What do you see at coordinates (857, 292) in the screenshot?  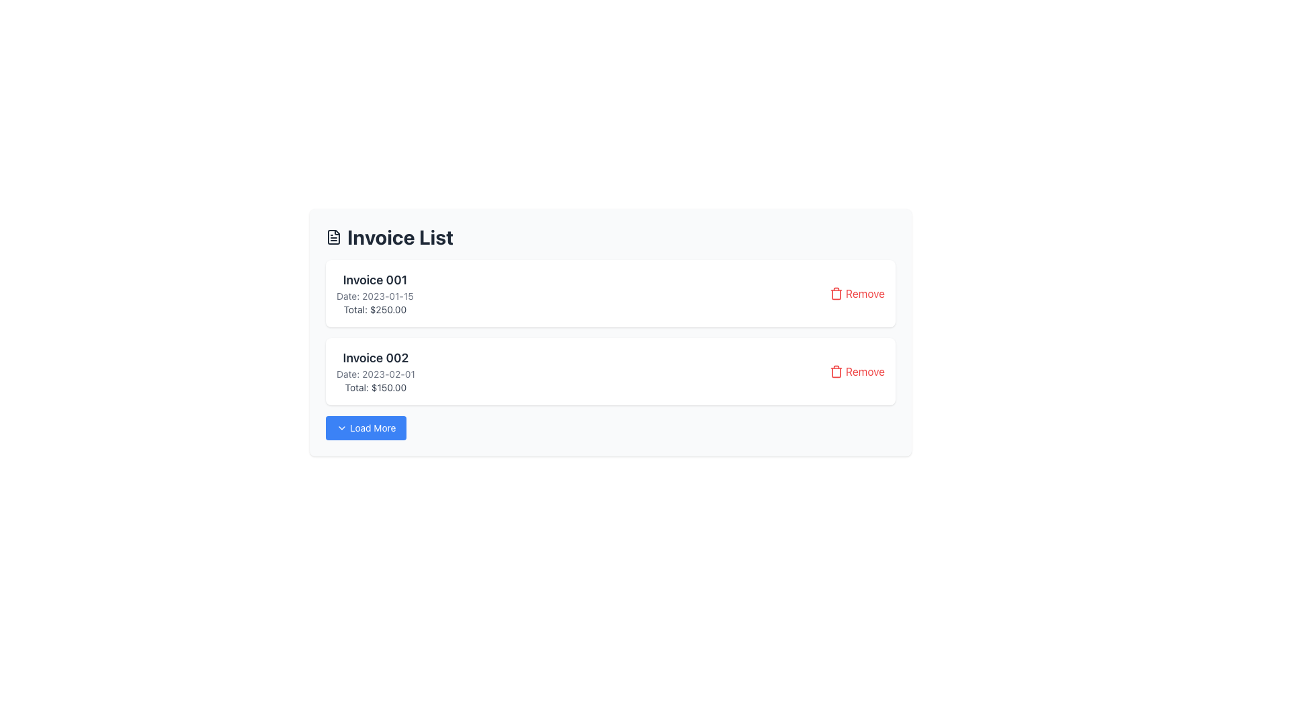 I see `the delete button positioned on the right-hand side of the 'Invoice 001' item` at bounding box center [857, 292].